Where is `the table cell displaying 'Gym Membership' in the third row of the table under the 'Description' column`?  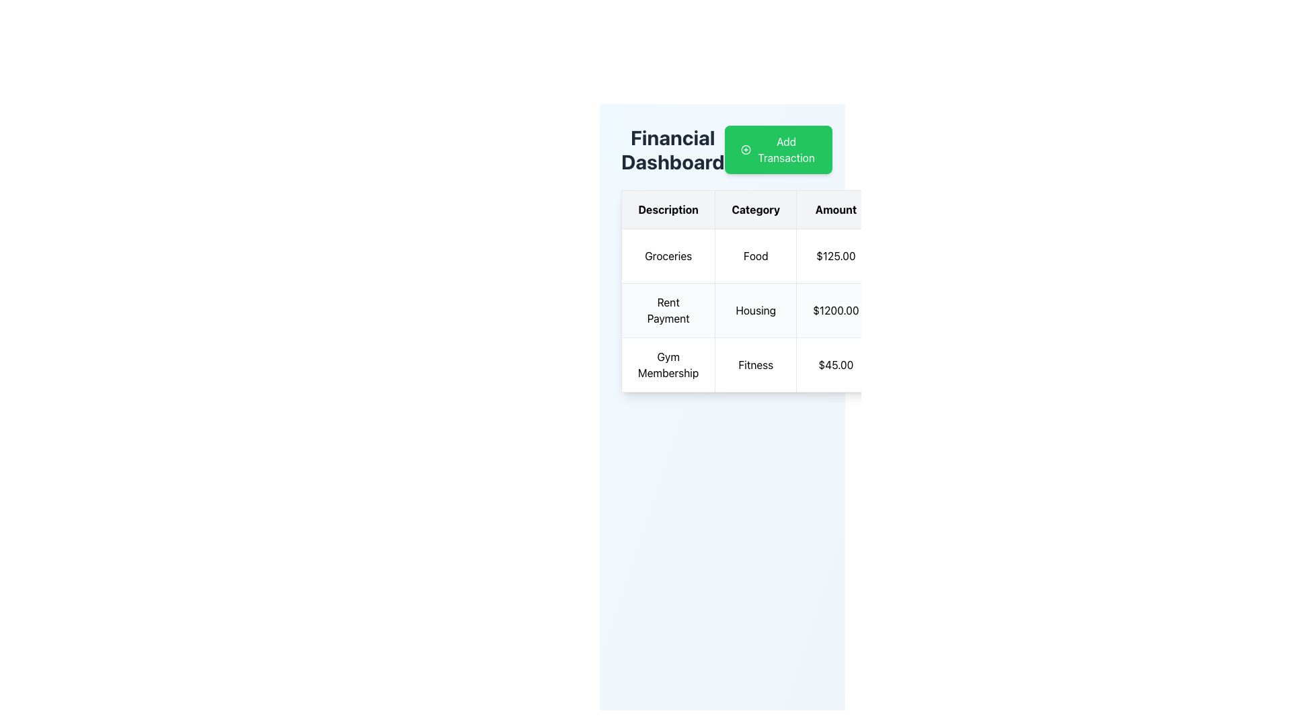
the table cell displaying 'Gym Membership' in the third row of the table under the 'Description' column is located at coordinates (668, 365).